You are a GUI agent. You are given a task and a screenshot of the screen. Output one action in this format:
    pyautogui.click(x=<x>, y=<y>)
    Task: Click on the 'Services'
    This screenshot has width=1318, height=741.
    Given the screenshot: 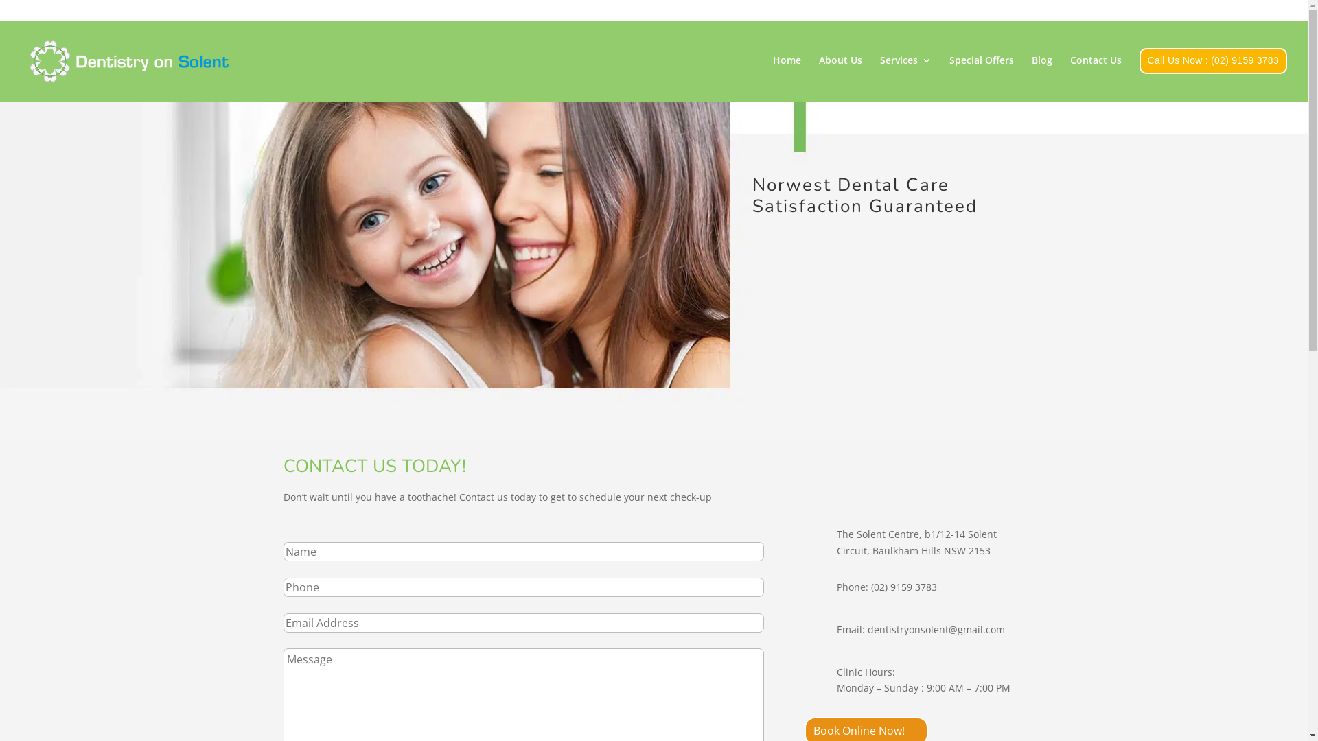 What is the action you would take?
    pyautogui.click(x=879, y=74)
    